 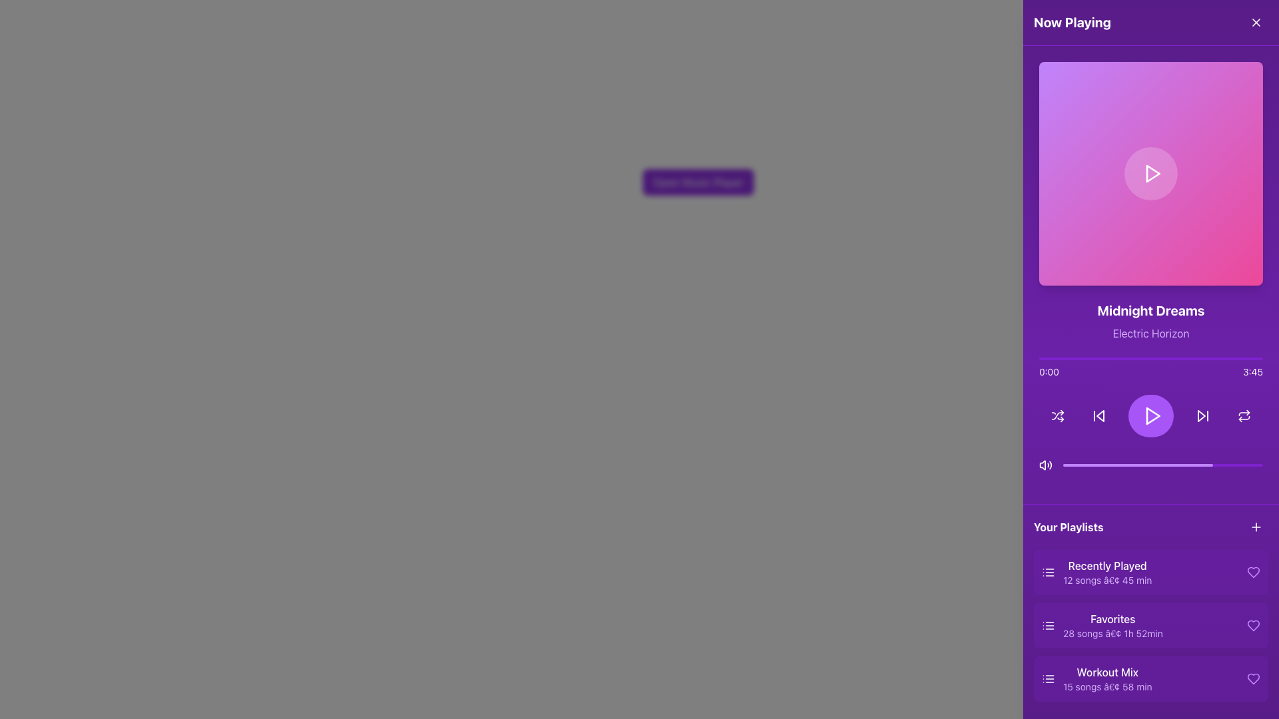 I want to click on the forward skip button, so click(x=1202, y=415).